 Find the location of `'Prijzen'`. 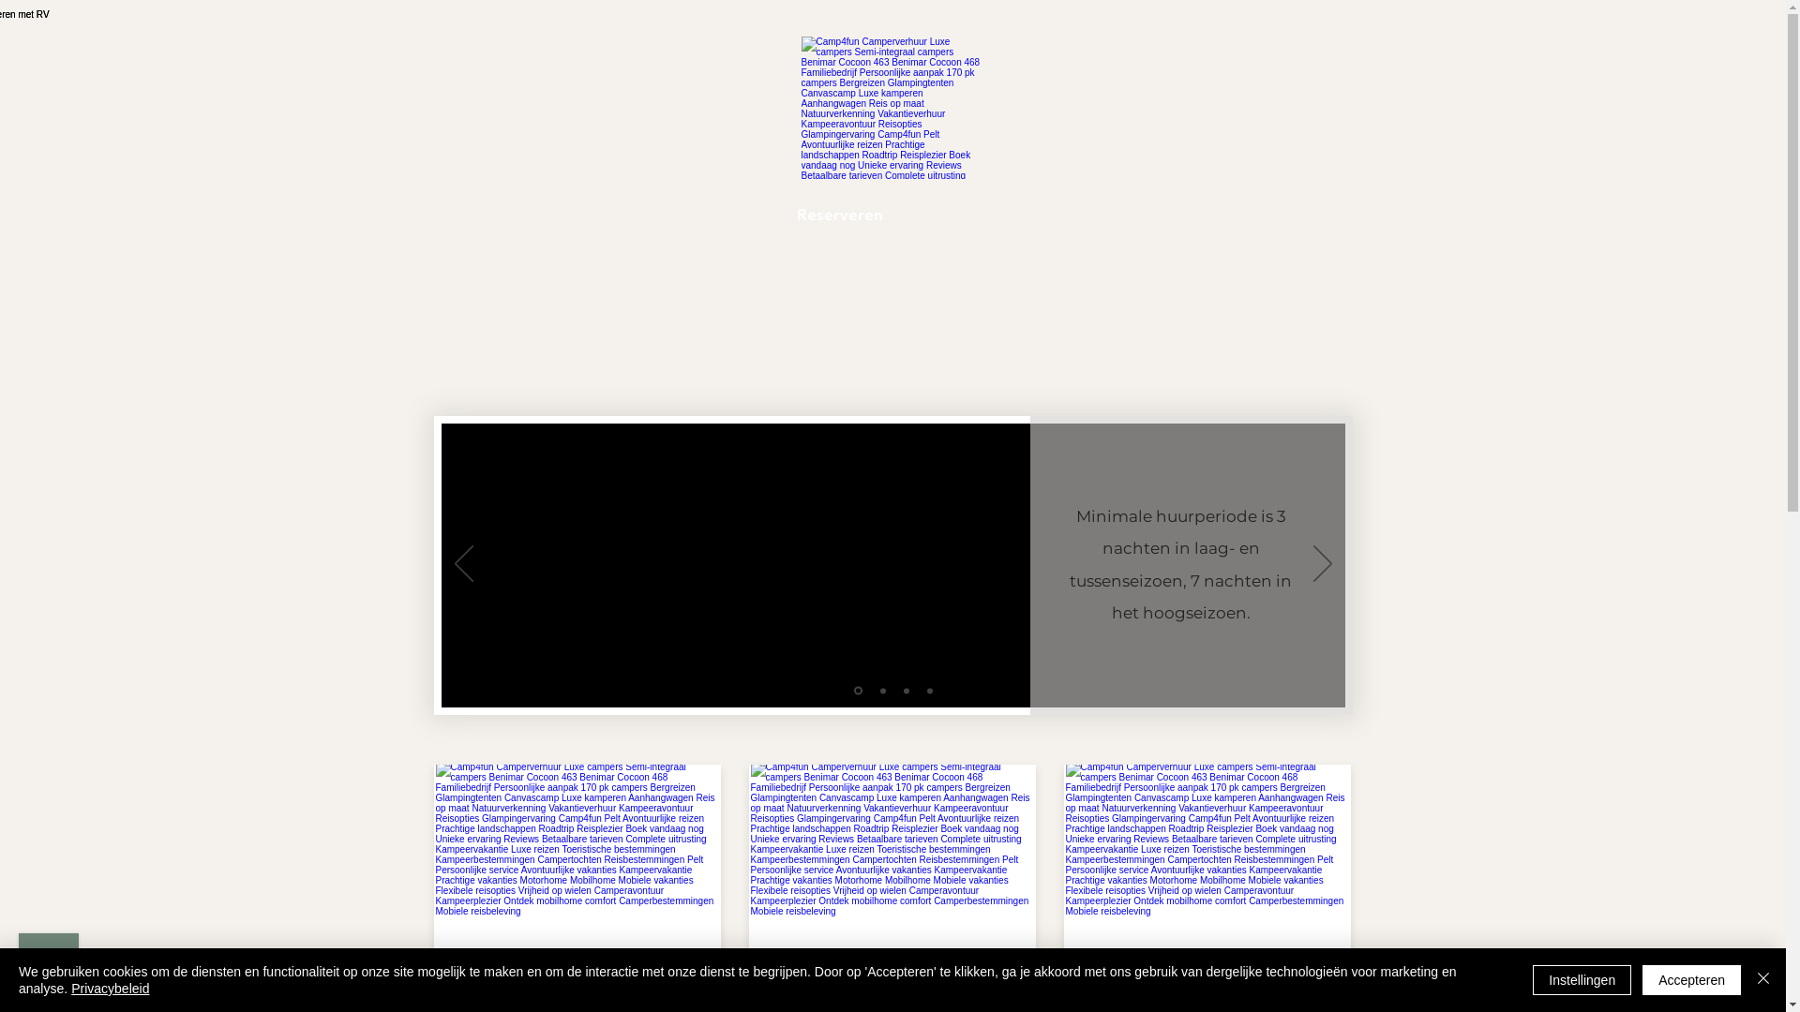

'Prijzen' is located at coordinates (741, 213).